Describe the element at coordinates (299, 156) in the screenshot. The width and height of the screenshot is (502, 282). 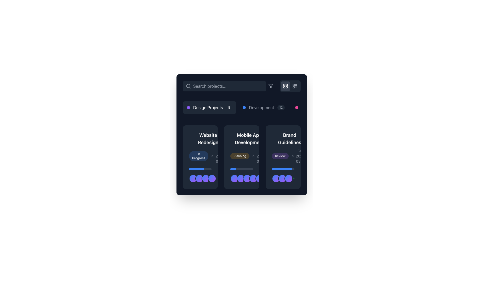
I see `the text label indicating the deadline date 'Due 2024-03-10' located in the rightmost card labeled 'Brand Guidelines', positioned below the 'Review' label` at that location.